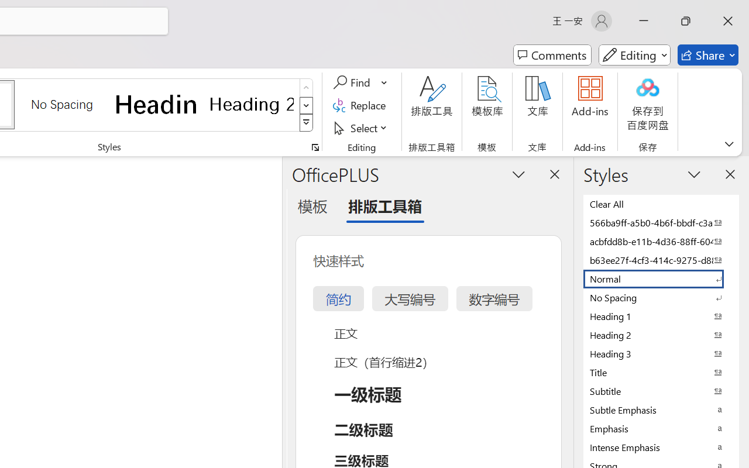  Describe the element at coordinates (661, 259) in the screenshot. I see `'b63ee27f-4cf3-414c-9275-d88e3f90795e'` at that location.